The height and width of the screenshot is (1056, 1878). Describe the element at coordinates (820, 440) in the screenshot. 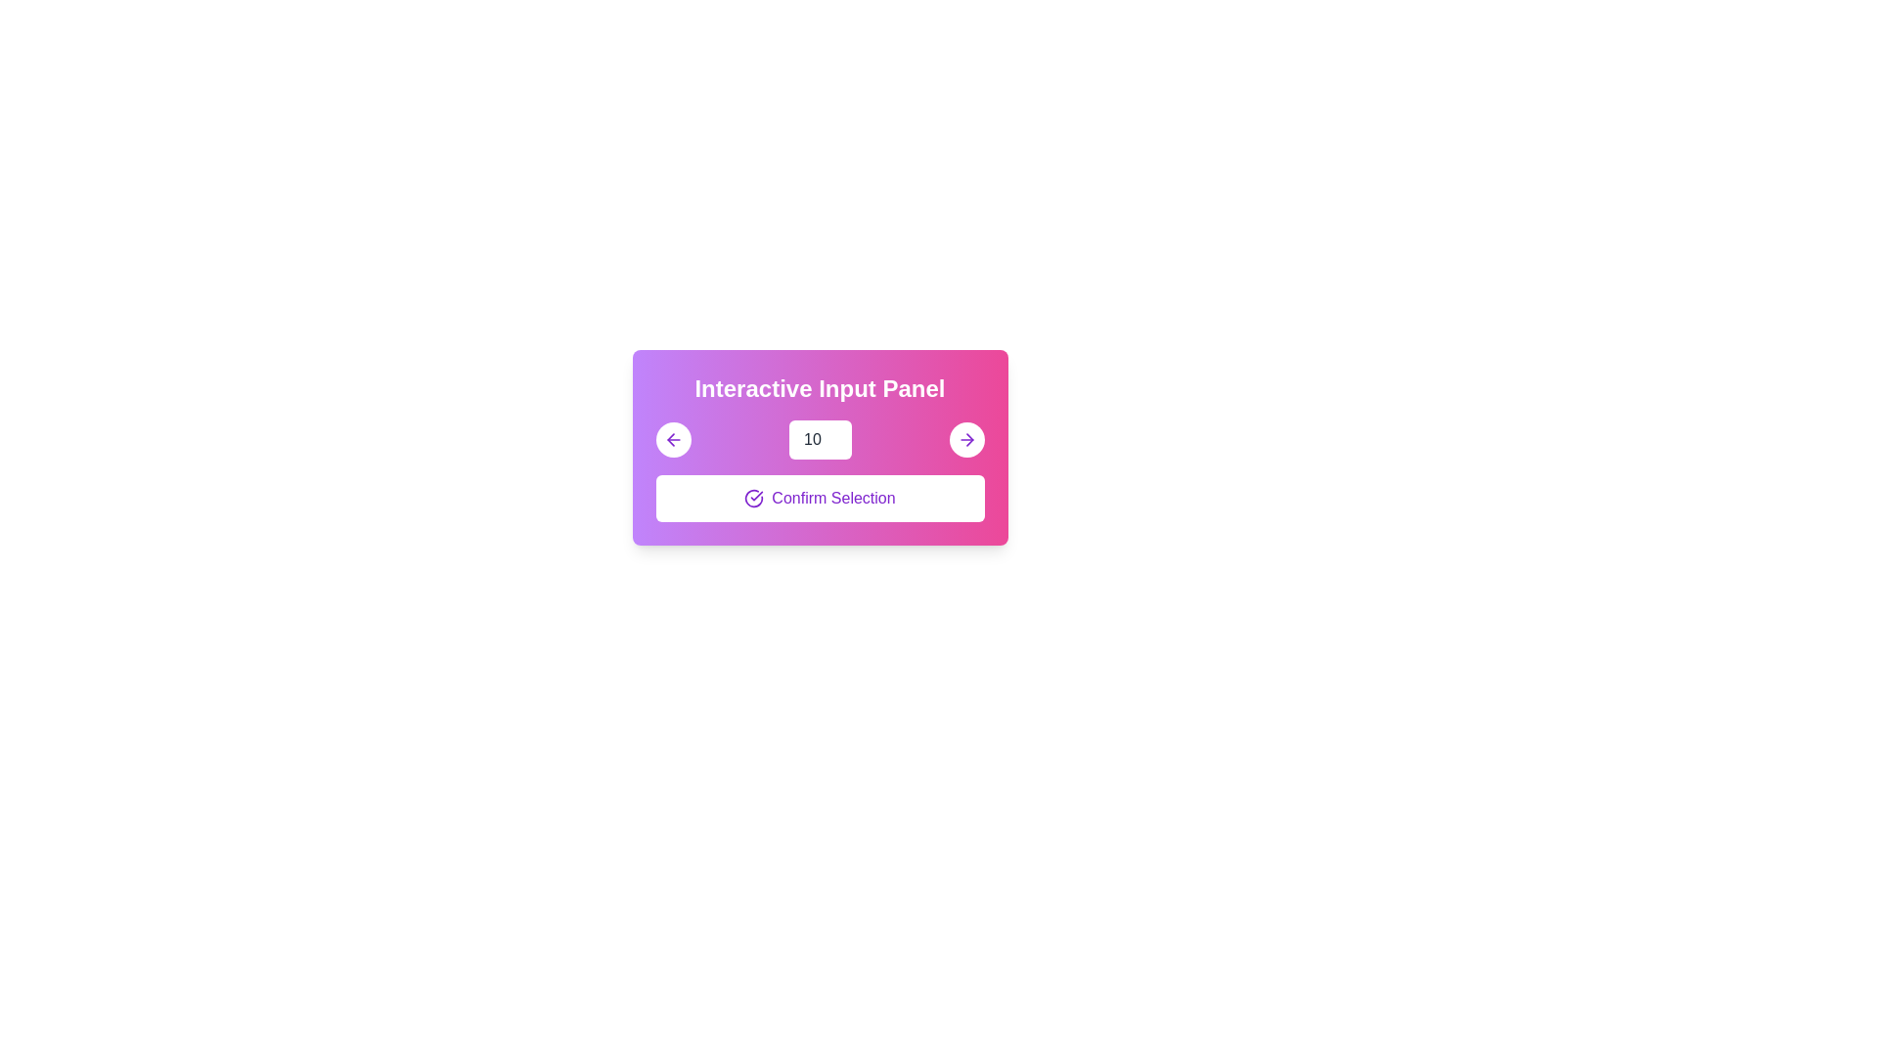

I see `the numeric input field displaying the number '10' to focus and edit the number` at that location.